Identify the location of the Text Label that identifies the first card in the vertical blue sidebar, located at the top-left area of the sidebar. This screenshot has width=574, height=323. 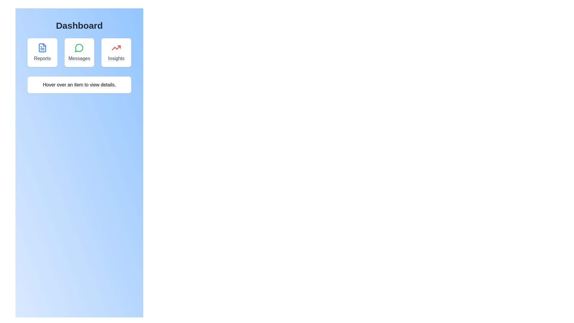
(42, 59).